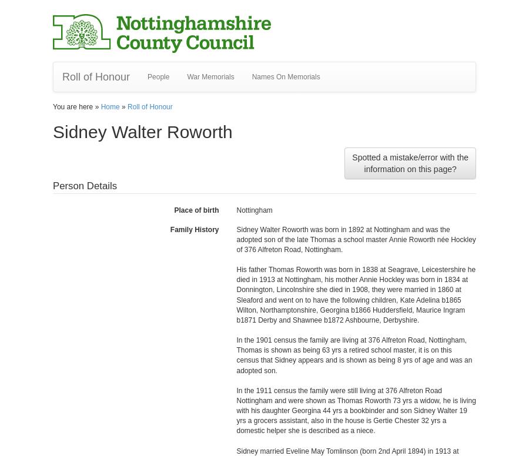 This screenshot has height=456, width=529. Describe the element at coordinates (110, 106) in the screenshot. I see `'Home'` at that location.